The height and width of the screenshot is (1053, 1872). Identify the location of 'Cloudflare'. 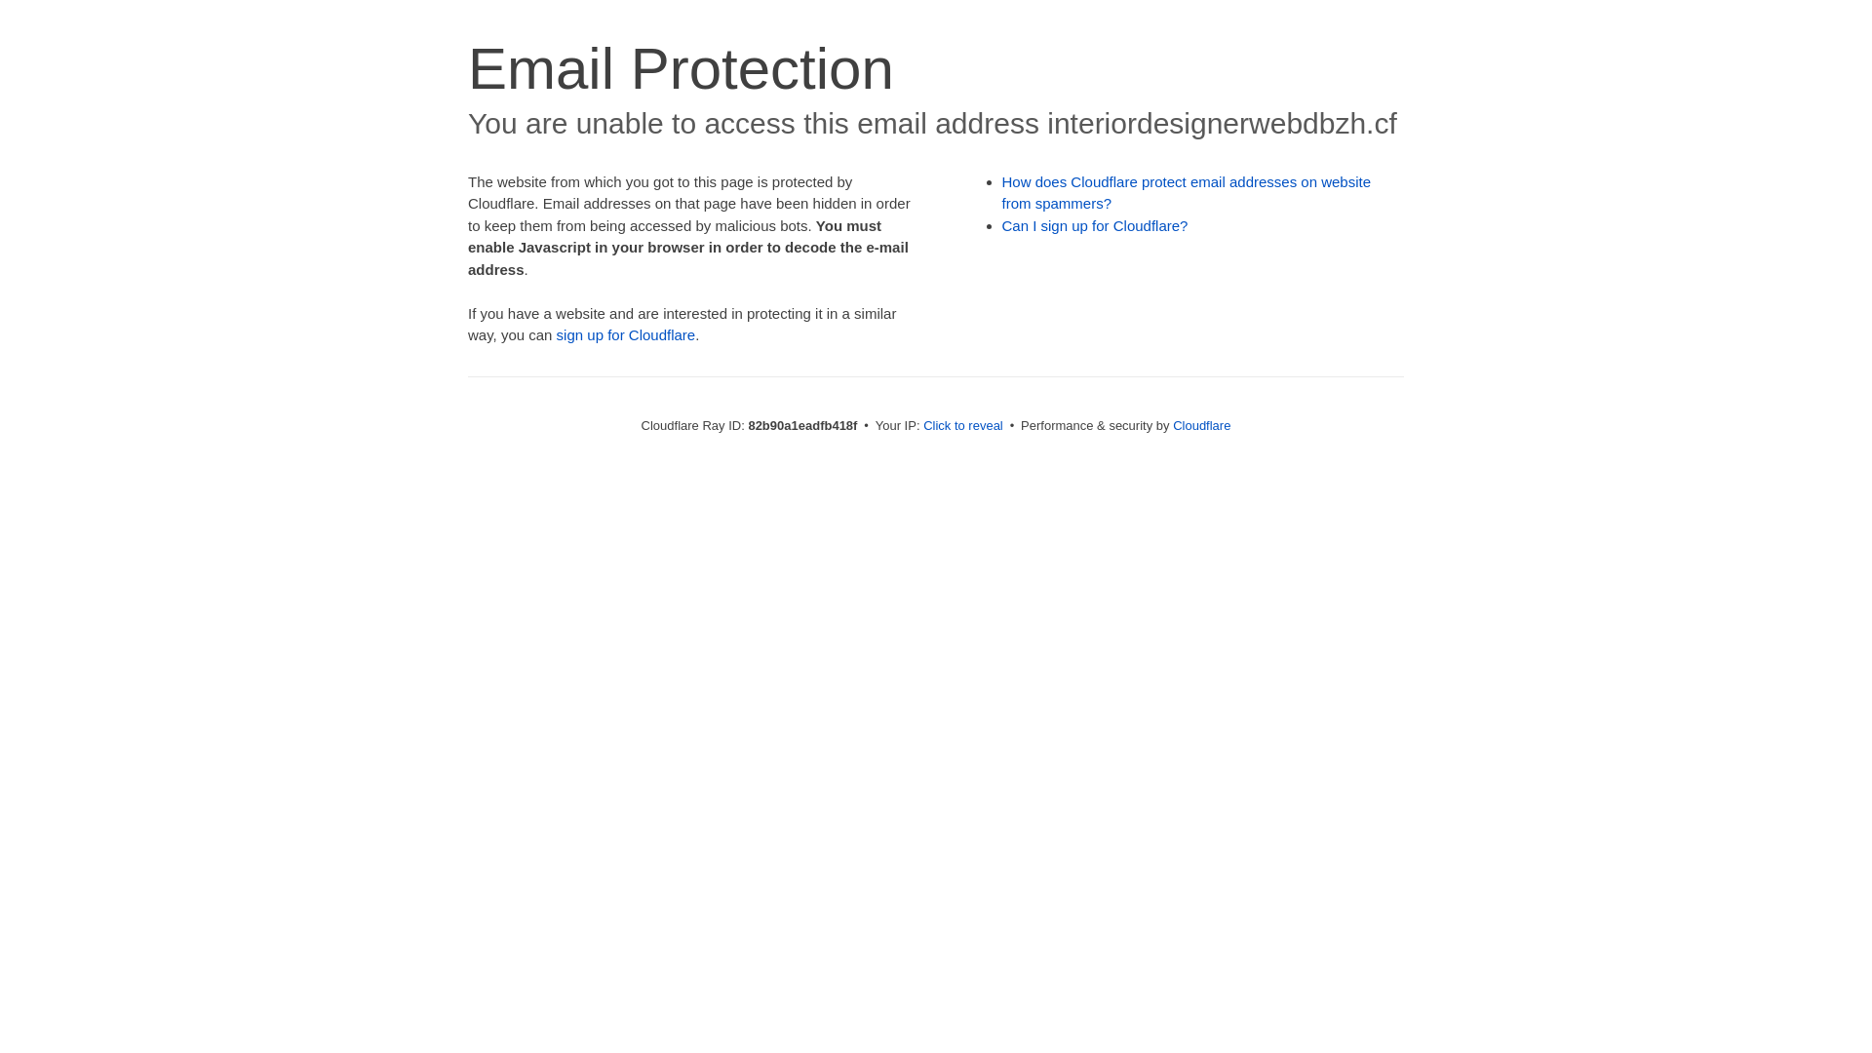
(1200, 424).